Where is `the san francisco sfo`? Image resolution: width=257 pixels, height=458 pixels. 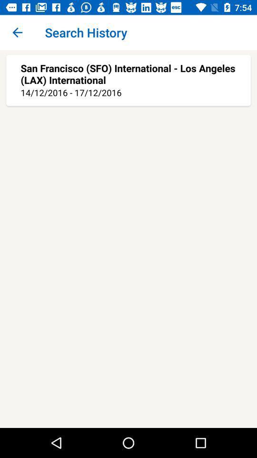 the san francisco sfo is located at coordinates (128, 73).